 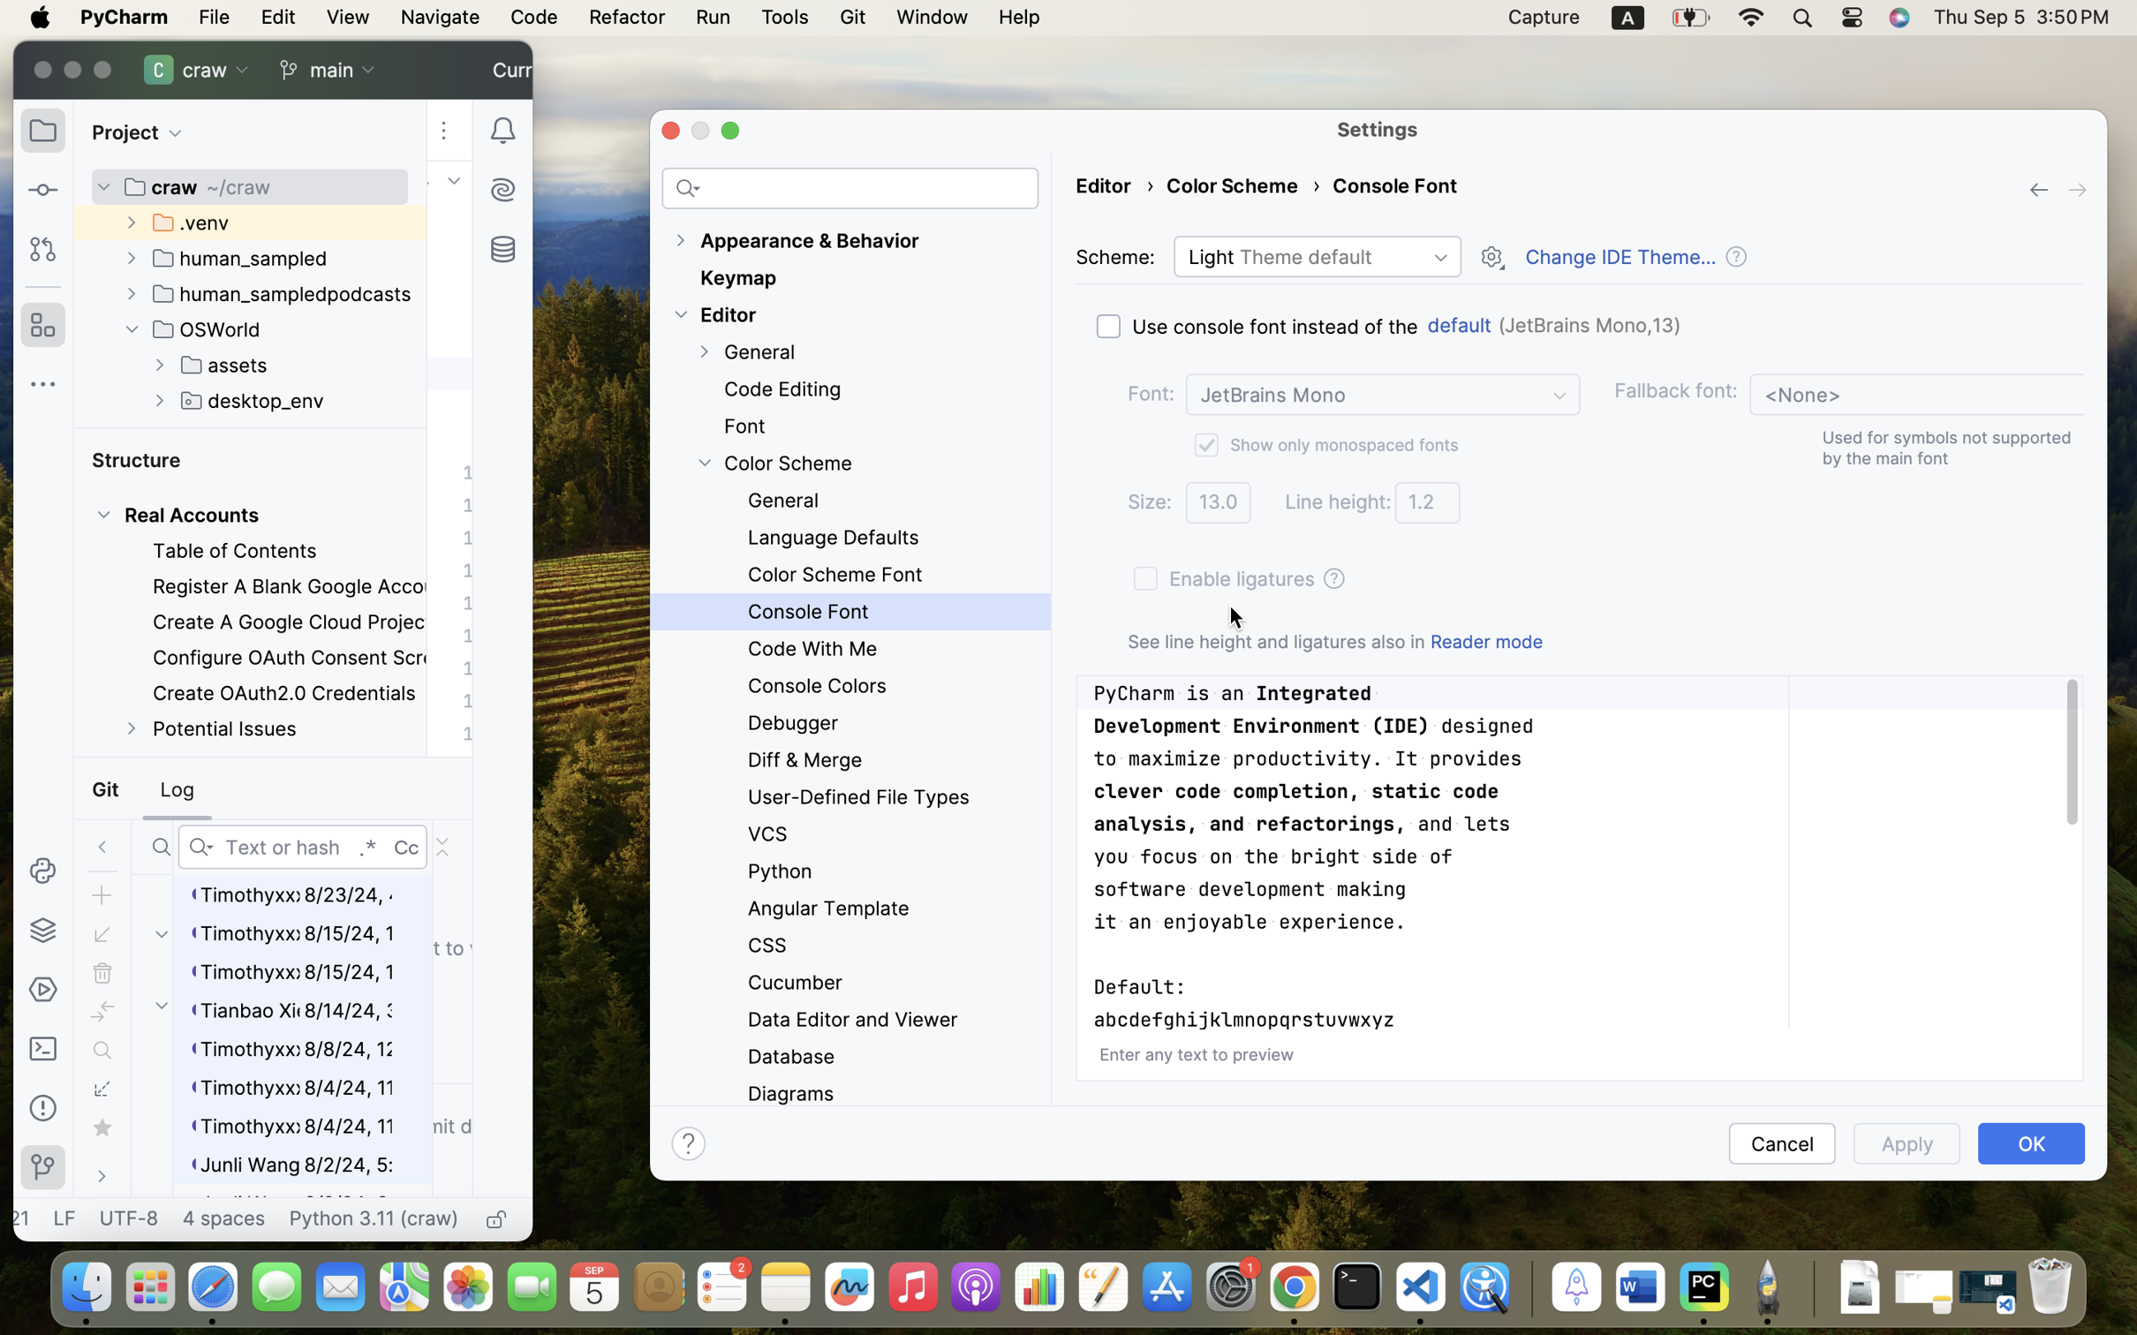 I want to click on 'Settings', so click(x=1378, y=127).